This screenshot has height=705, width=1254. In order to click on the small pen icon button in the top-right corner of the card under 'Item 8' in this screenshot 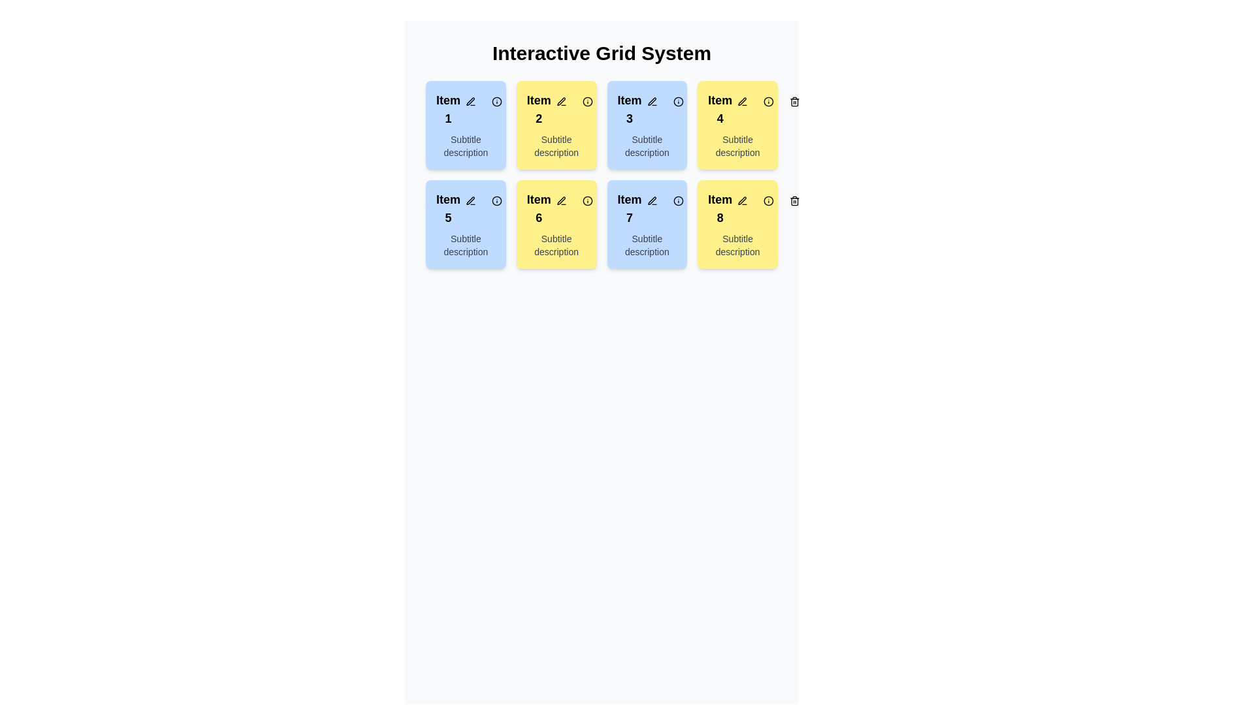, I will do `click(743, 201)`.